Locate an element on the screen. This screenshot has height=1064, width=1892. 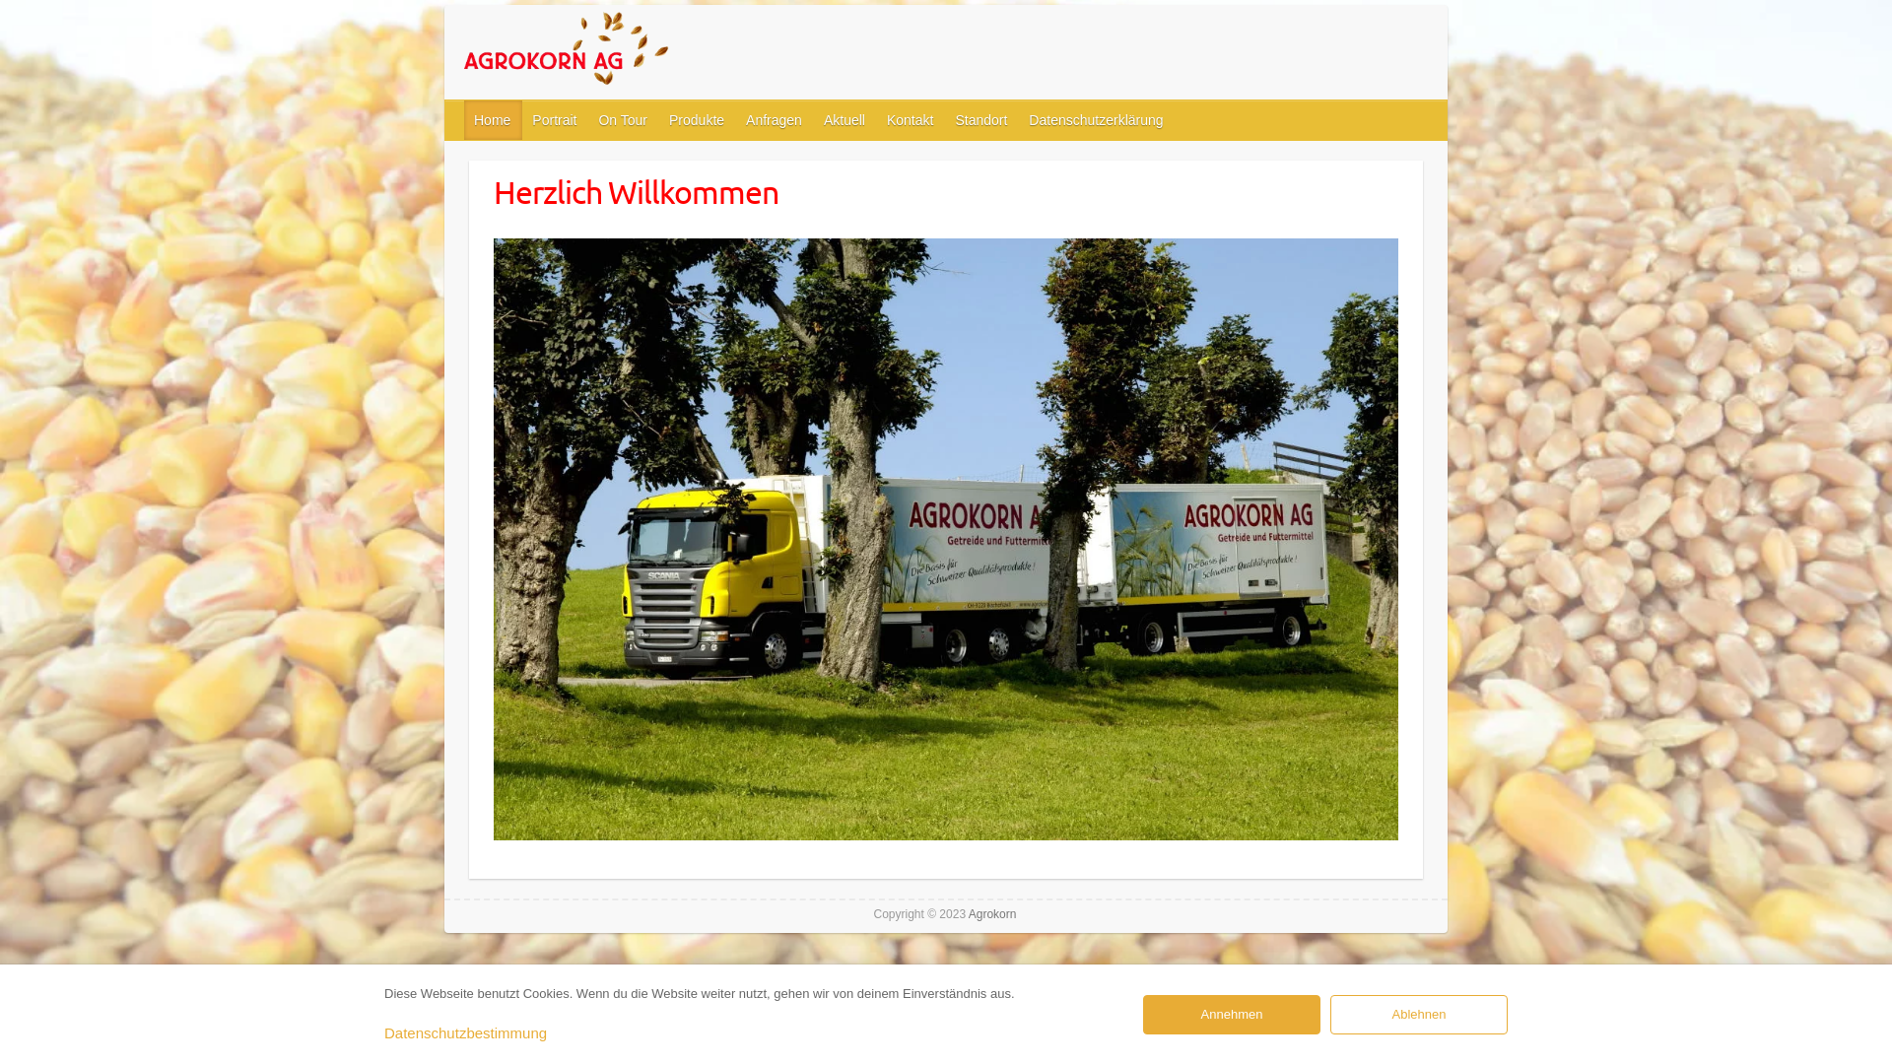
'Kontakt' is located at coordinates (910, 120).